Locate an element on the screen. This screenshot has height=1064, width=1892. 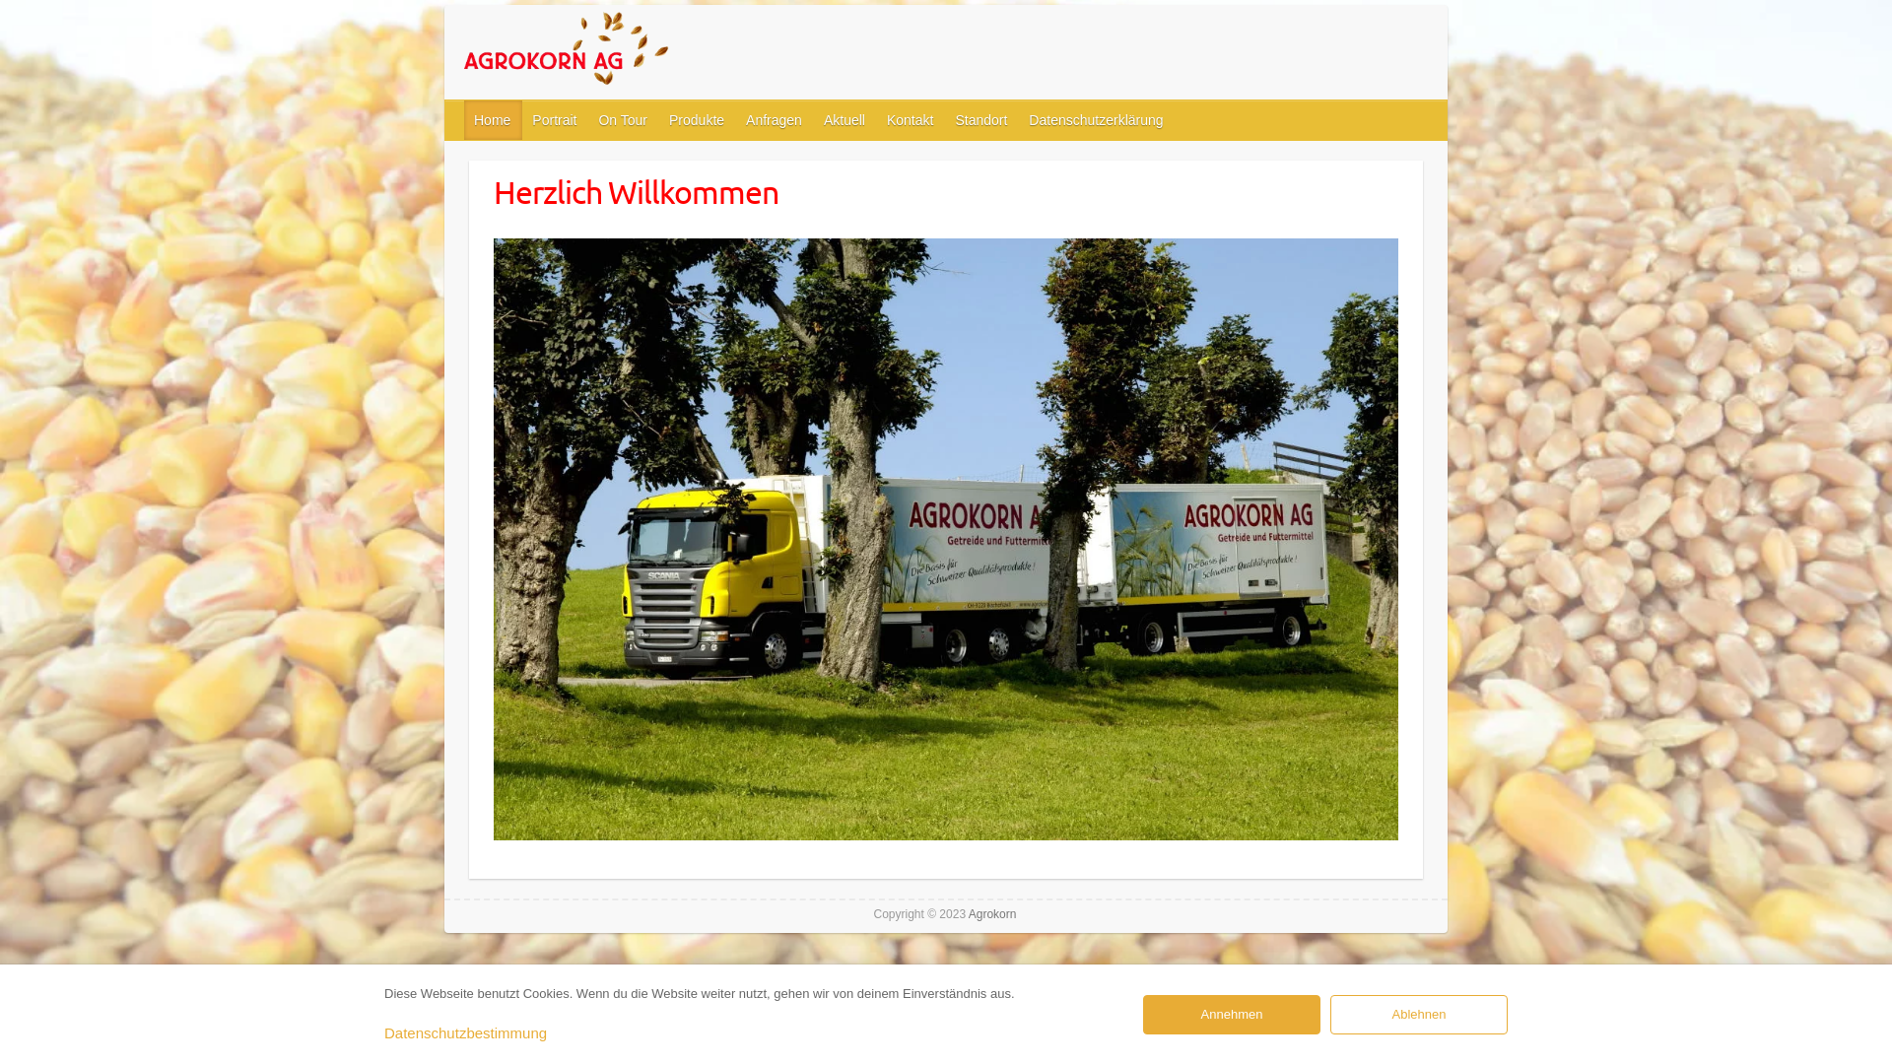
'Kontakt' is located at coordinates (910, 120).